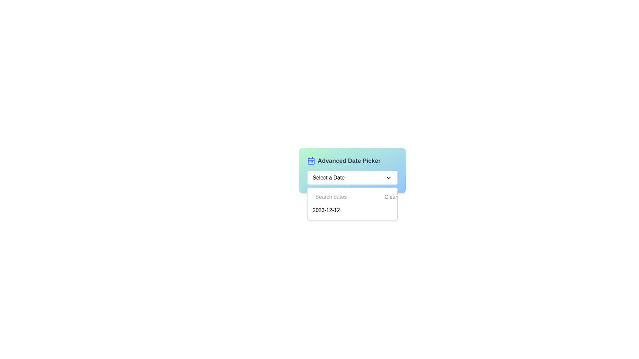  What do you see at coordinates (352, 170) in the screenshot?
I see `the dropdown menu of the date picker widget` at bounding box center [352, 170].